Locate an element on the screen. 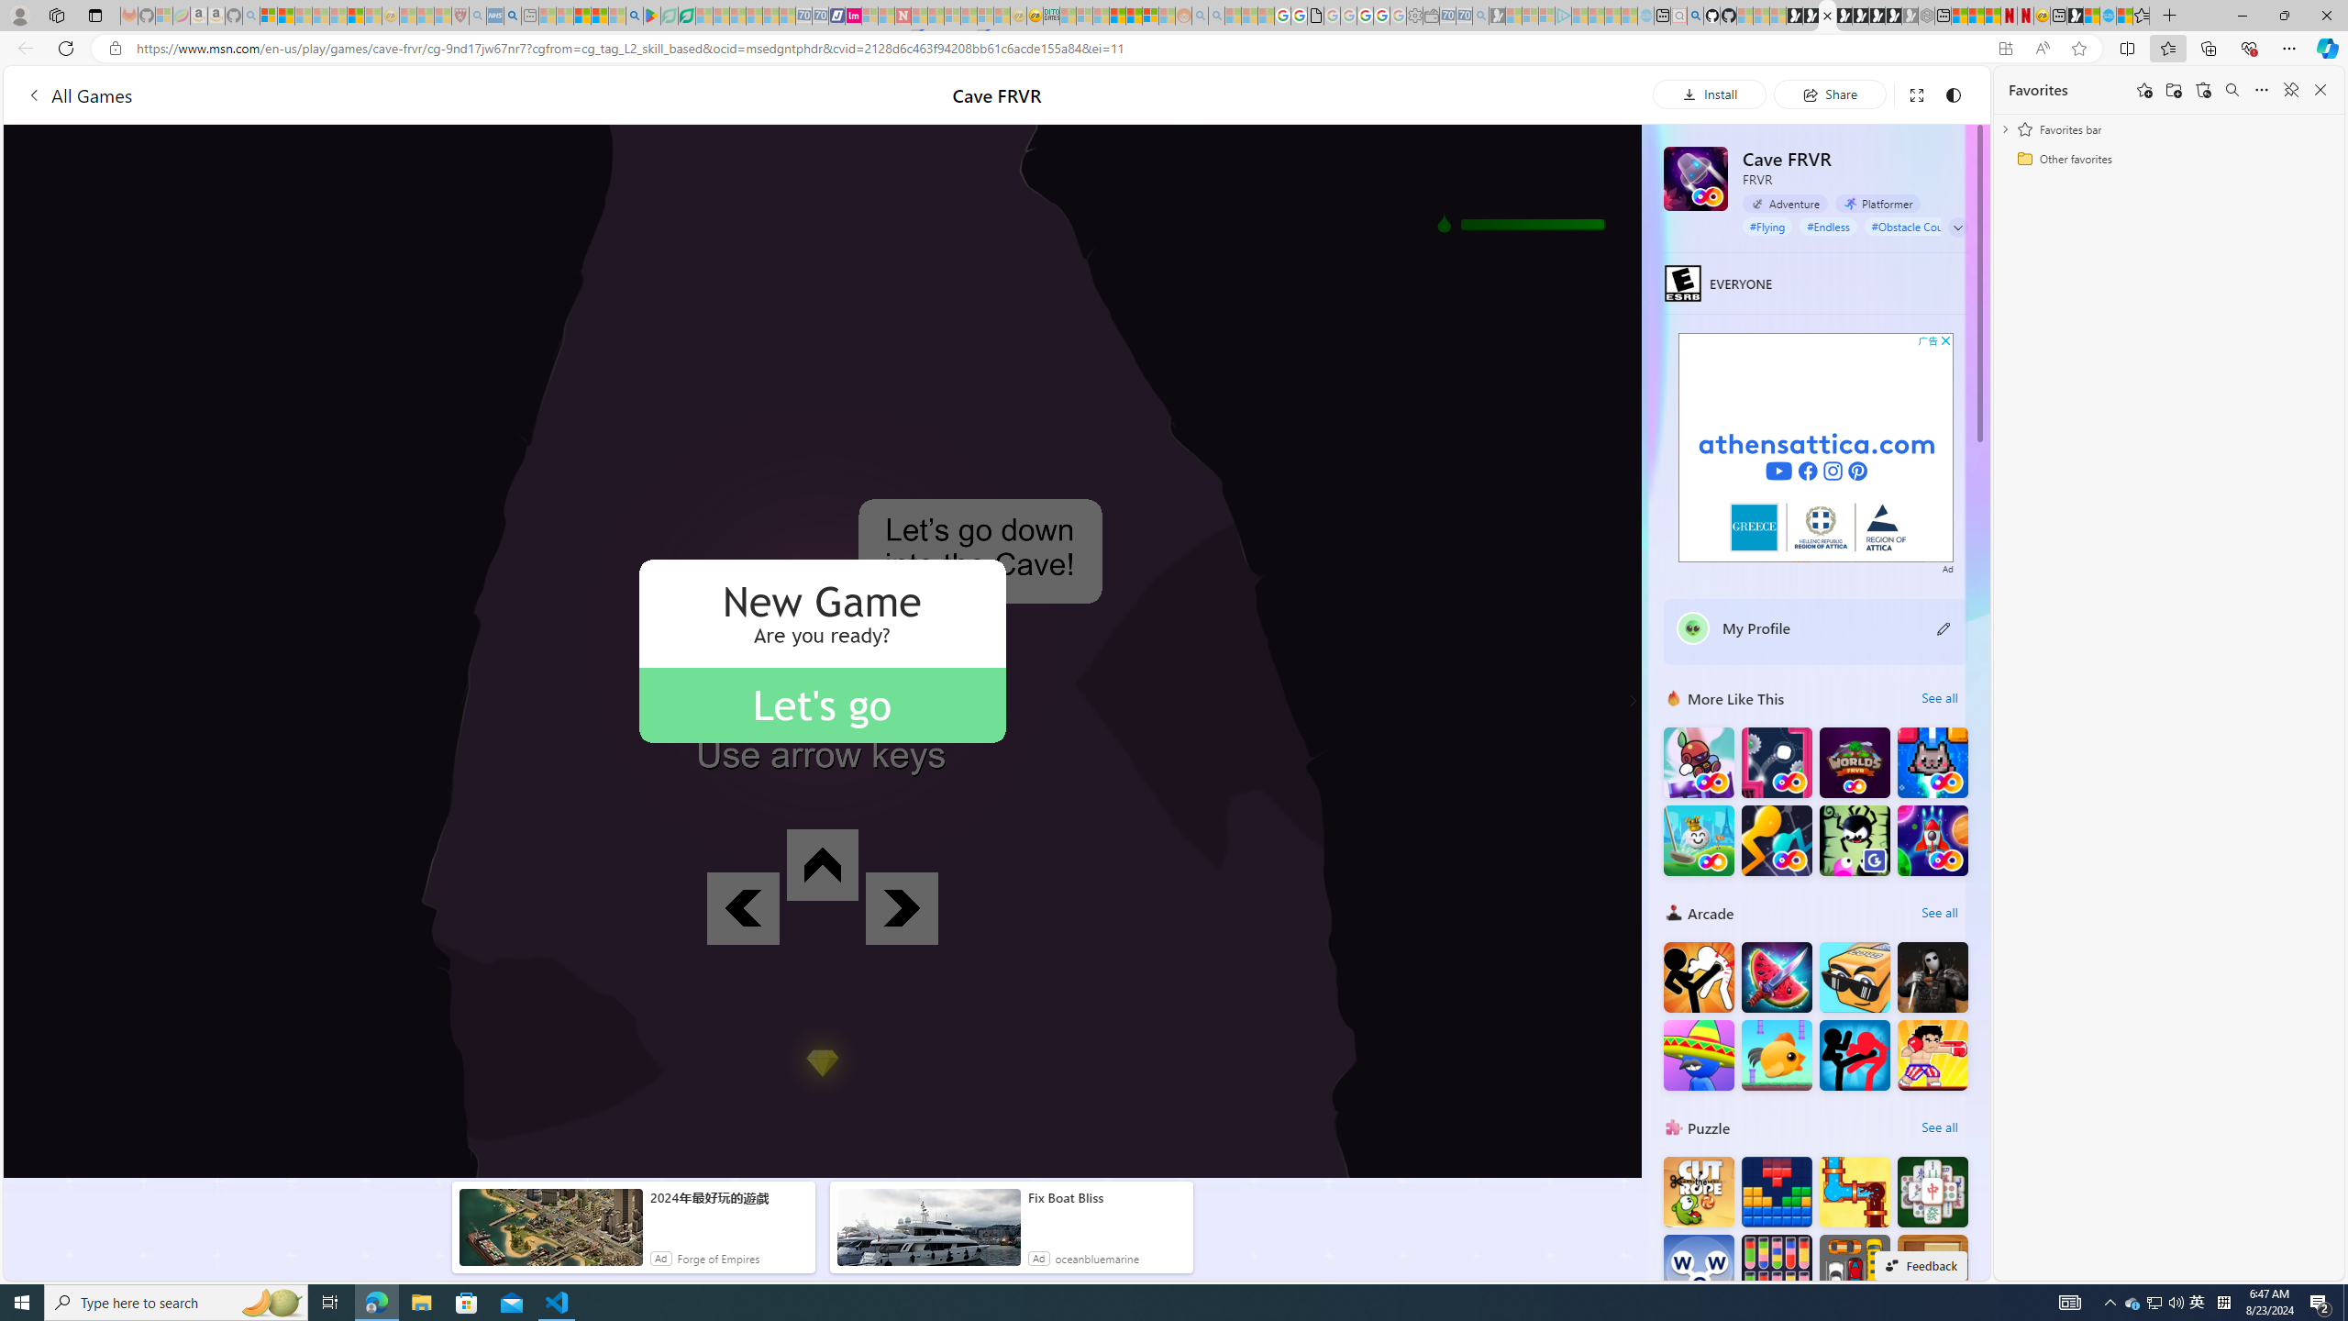 The height and width of the screenshot is (1321, 2348). 'Search favorites' is located at coordinates (2232, 88).